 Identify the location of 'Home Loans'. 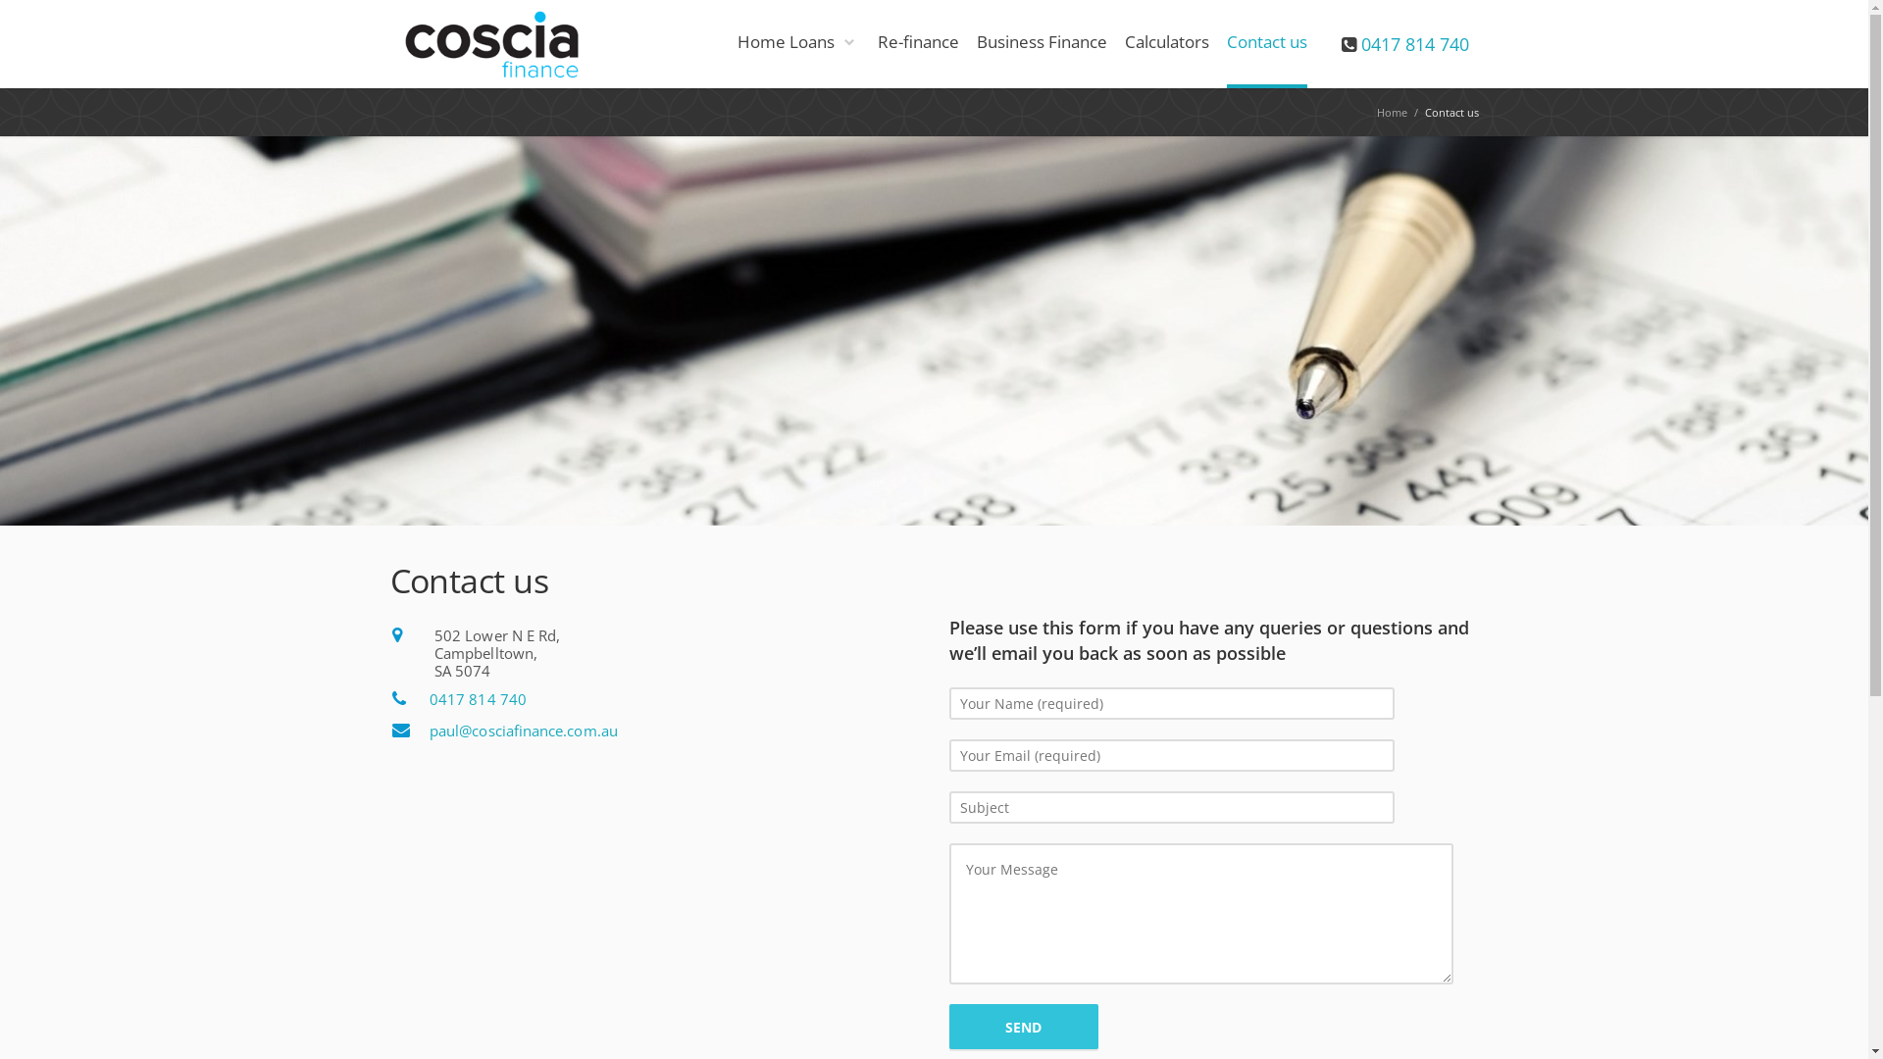
(795, 44).